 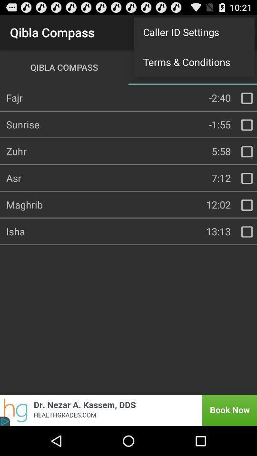 I want to click on button image, so click(x=247, y=205).